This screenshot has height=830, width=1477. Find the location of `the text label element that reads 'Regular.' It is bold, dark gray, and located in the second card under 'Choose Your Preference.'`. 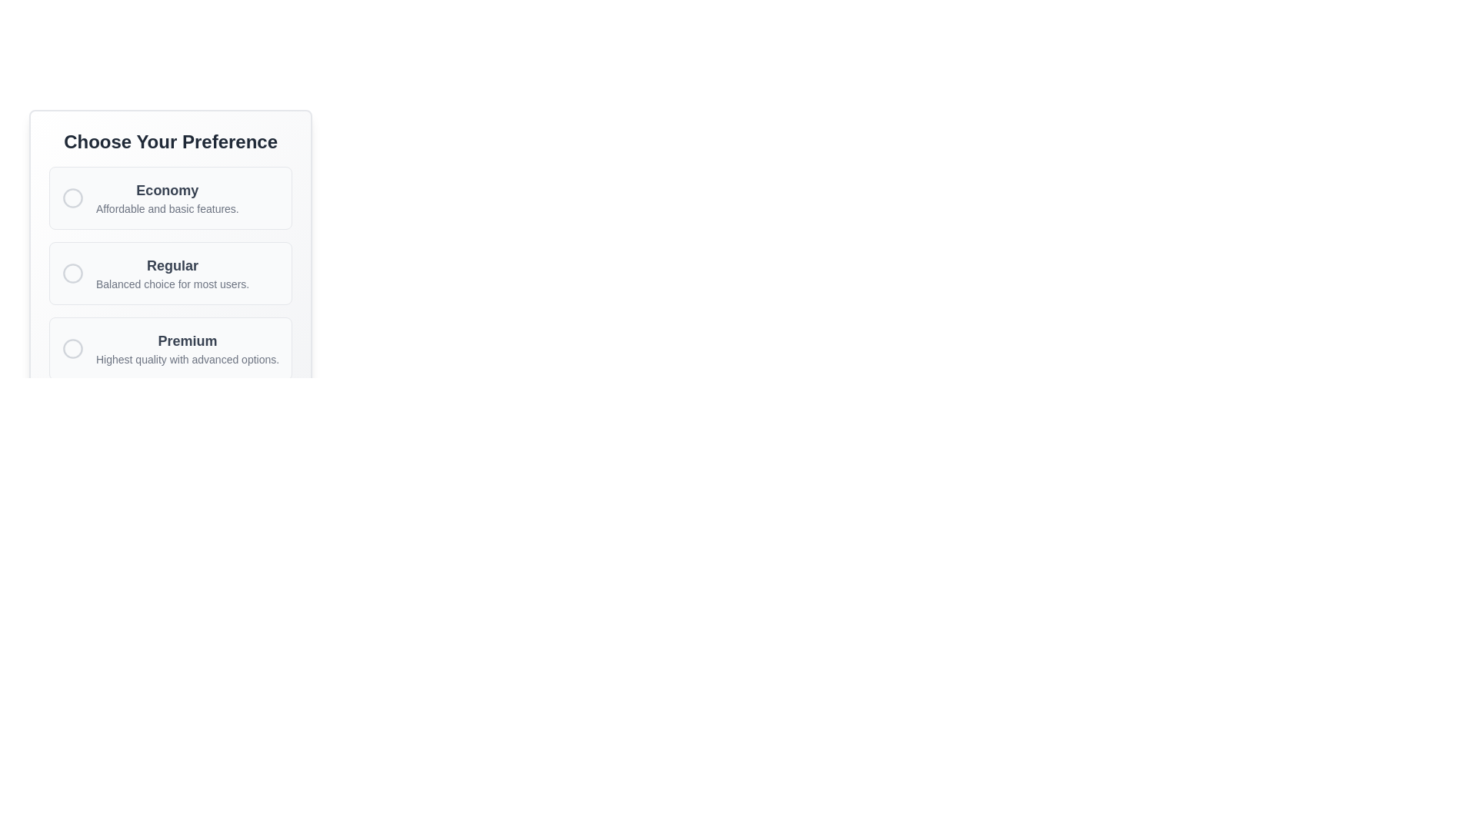

the text label element that reads 'Regular.' It is bold, dark gray, and located in the second card under 'Choose Your Preference.' is located at coordinates (172, 265).